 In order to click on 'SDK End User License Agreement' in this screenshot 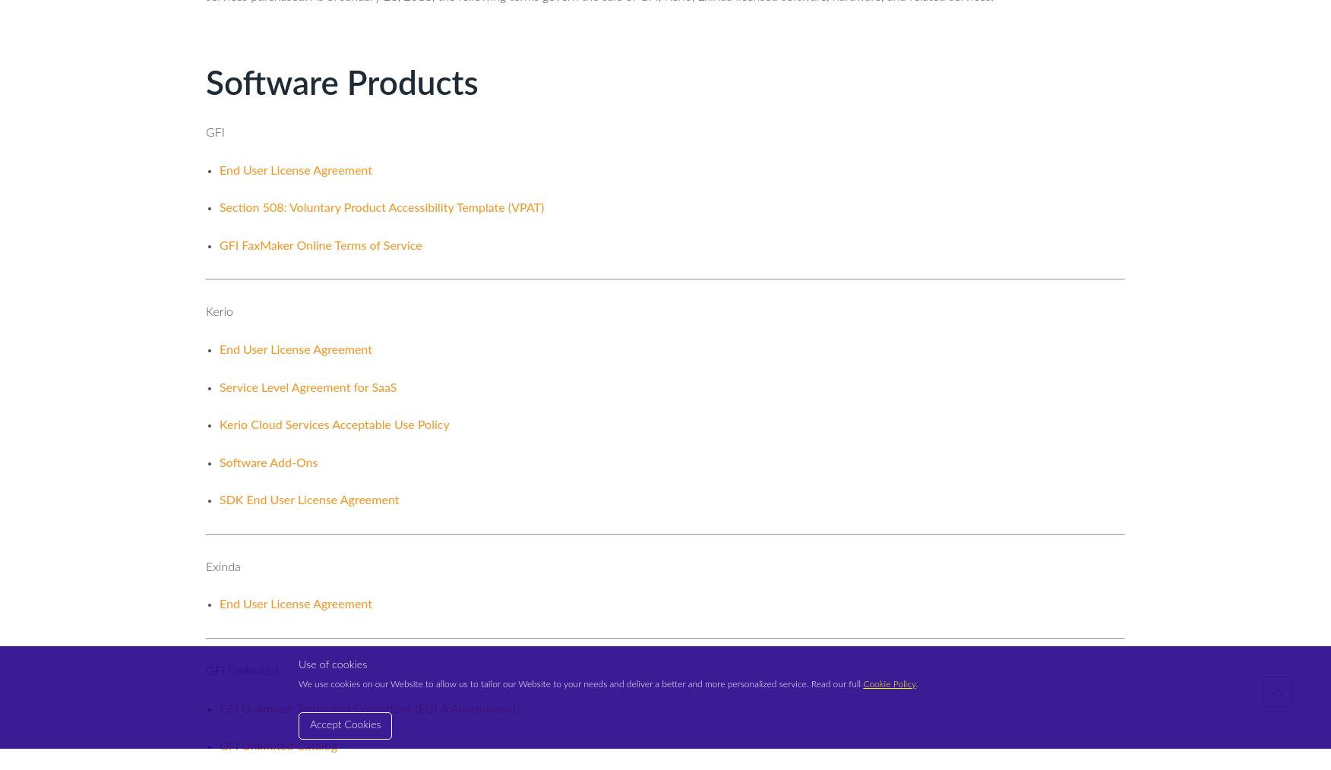, I will do `click(308, 500)`.